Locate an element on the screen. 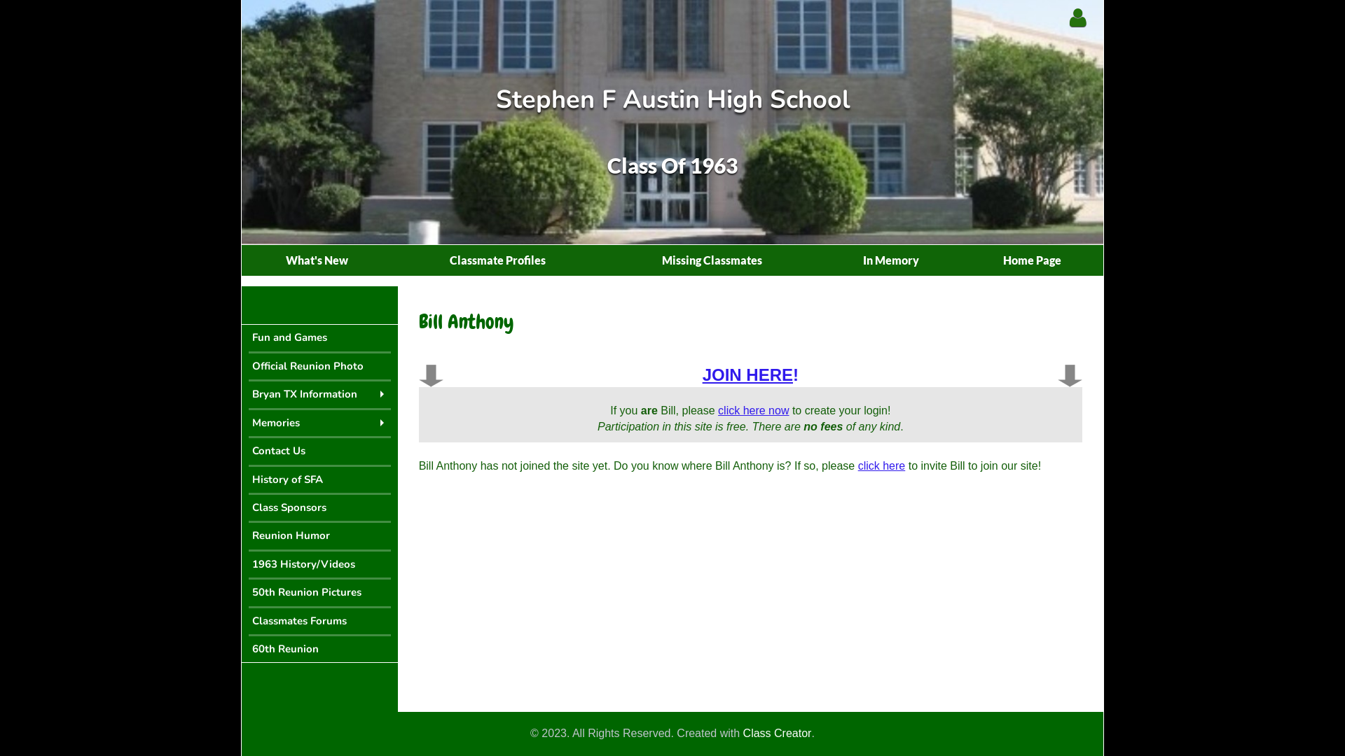 The width and height of the screenshot is (1345, 756). 'Classmate Login' is located at coordinates (1077, 18).